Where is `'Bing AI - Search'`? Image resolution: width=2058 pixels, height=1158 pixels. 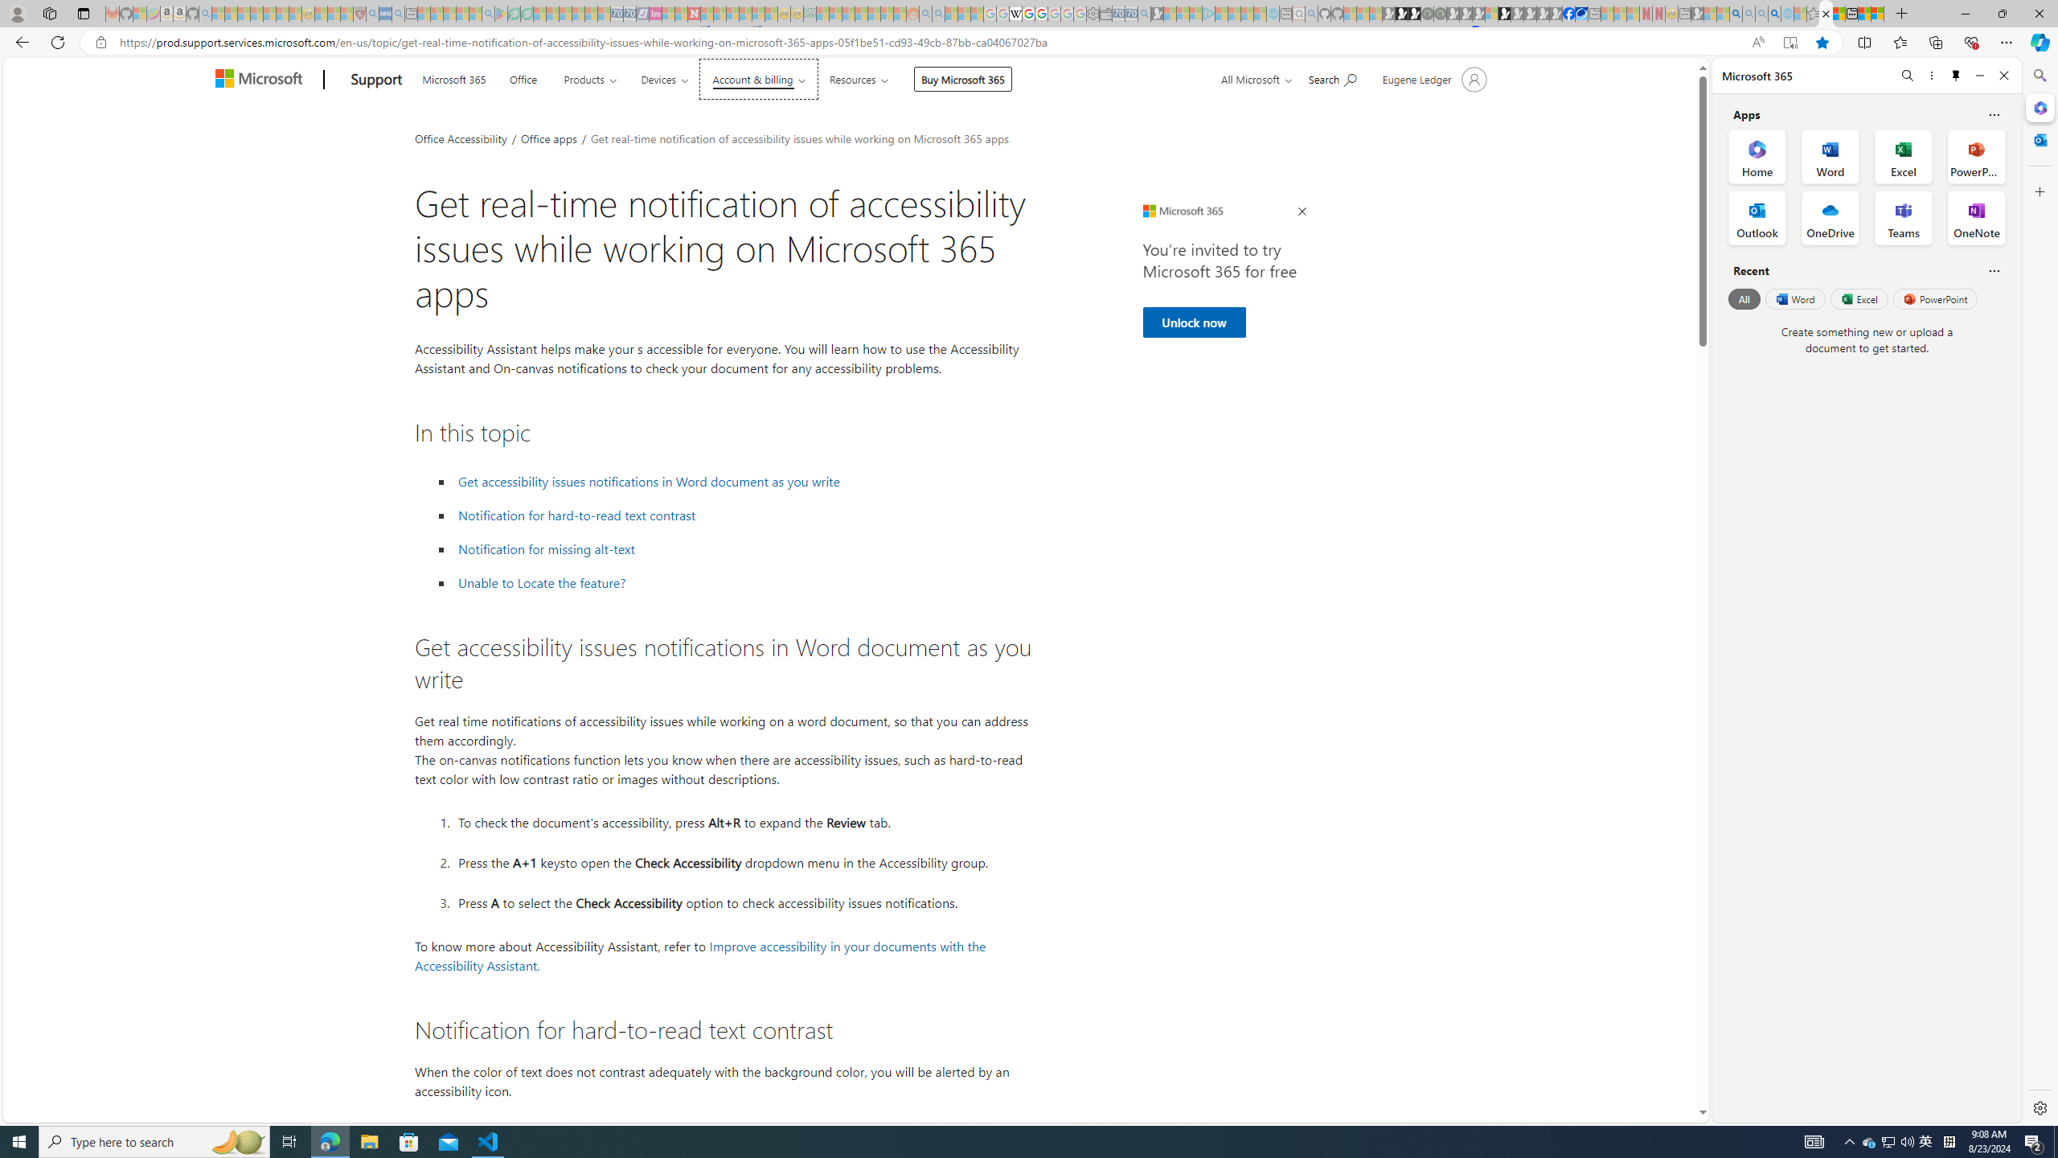 'Bing AI - Search' is located at coordinates (1736, 13).